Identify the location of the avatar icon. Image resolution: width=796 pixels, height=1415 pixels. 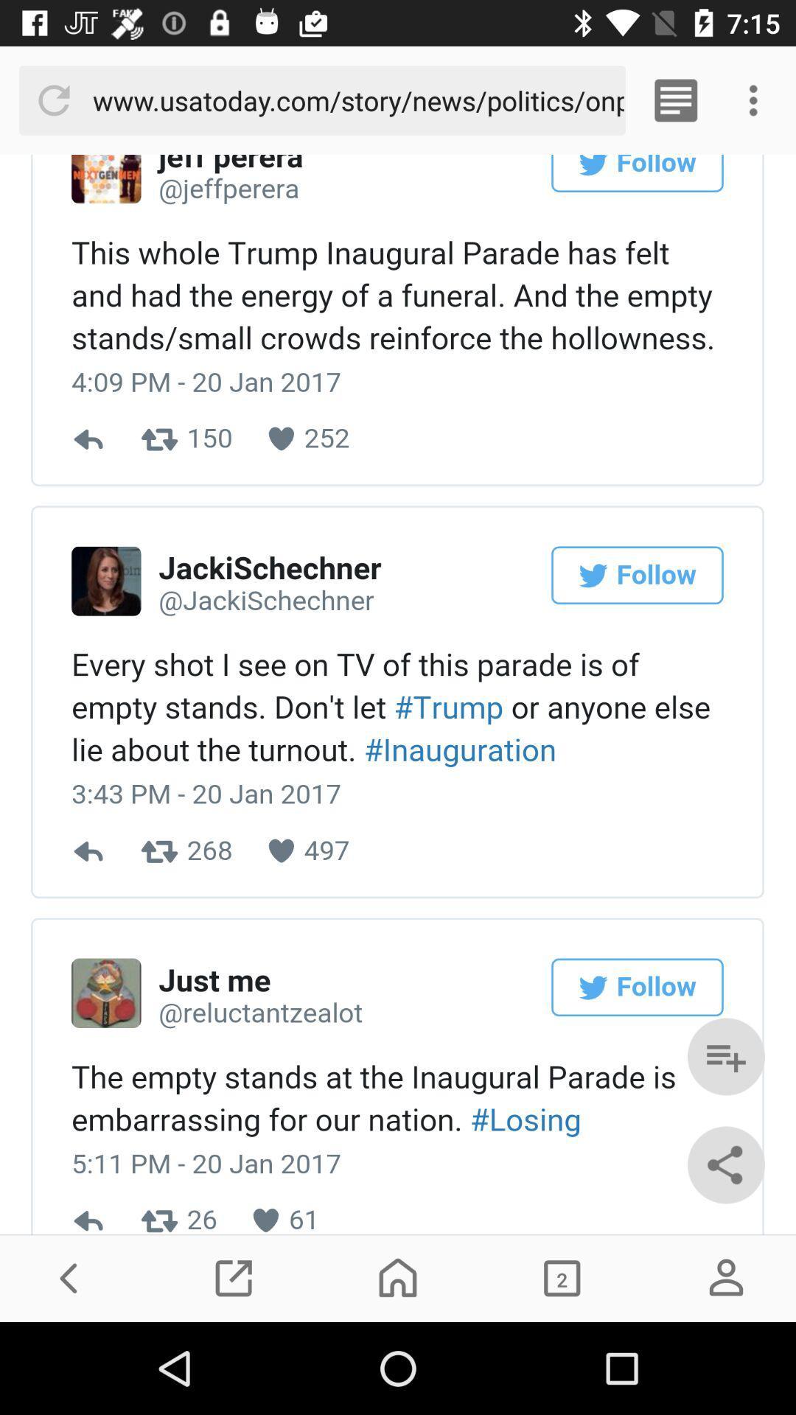
(725, 1277).